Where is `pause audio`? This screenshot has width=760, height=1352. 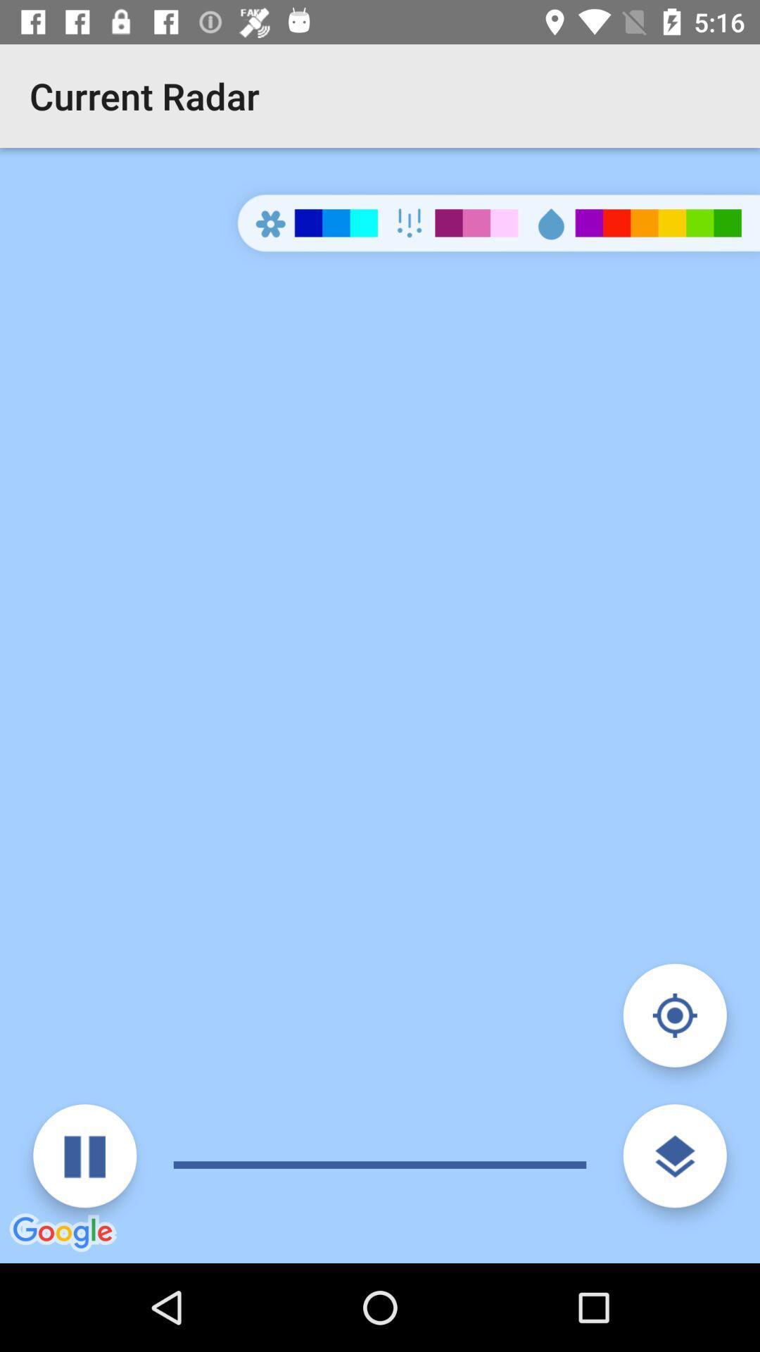 pause audio is located at coordinates (84, 1156).